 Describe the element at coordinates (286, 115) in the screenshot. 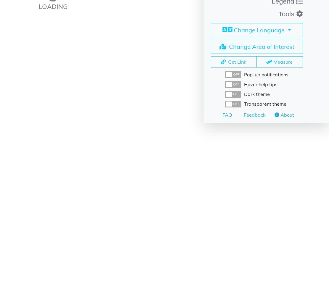

I see `'About'` at that location.